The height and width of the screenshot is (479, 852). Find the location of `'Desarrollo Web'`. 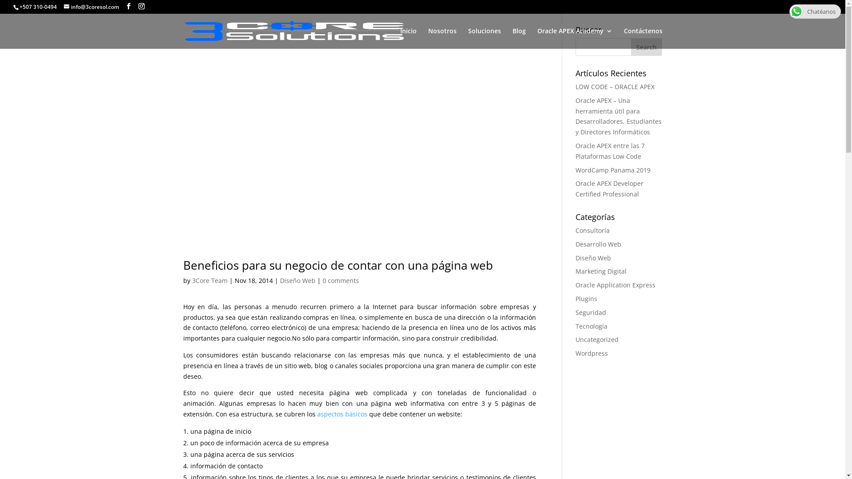

'Desarrollo Web' is located at coordinates (598, 244).